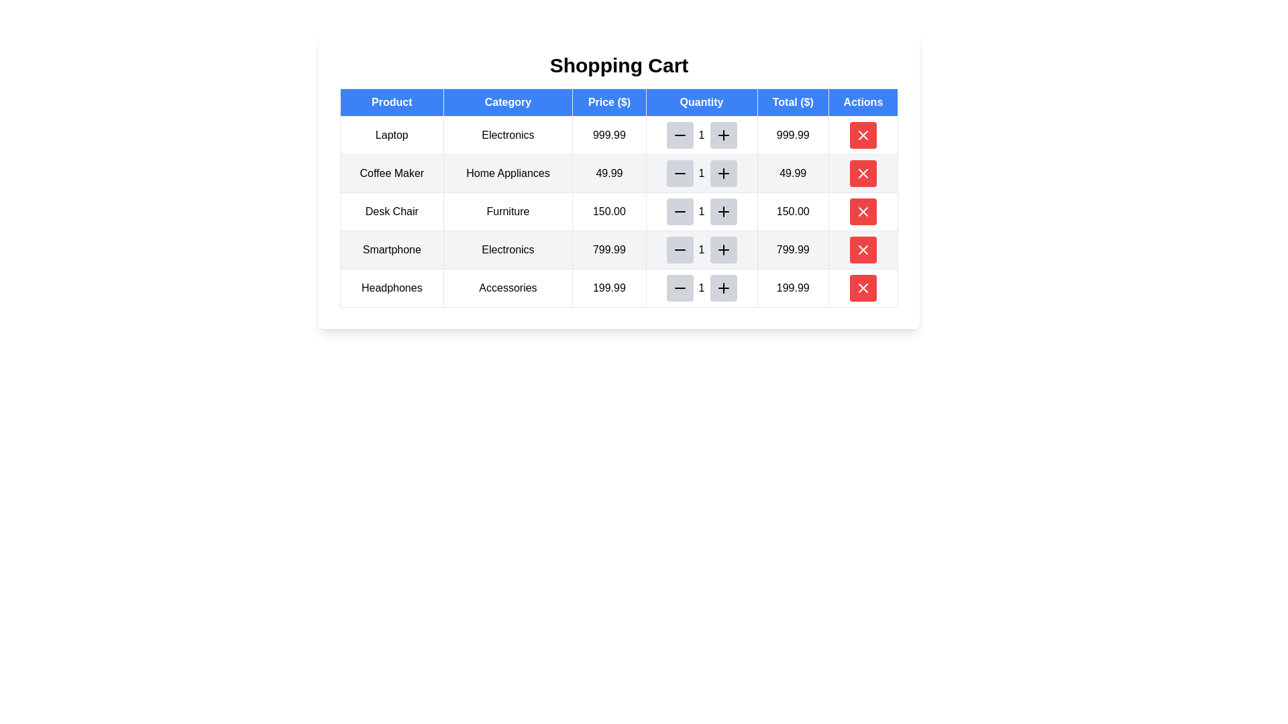 The height and width of the screenshot is (724, 1288). What do you see at coordinates (863, 172) in the screenshot?
I see `the button located at the far right of the second row in the shopping cart` at bounding box center [863, 172].